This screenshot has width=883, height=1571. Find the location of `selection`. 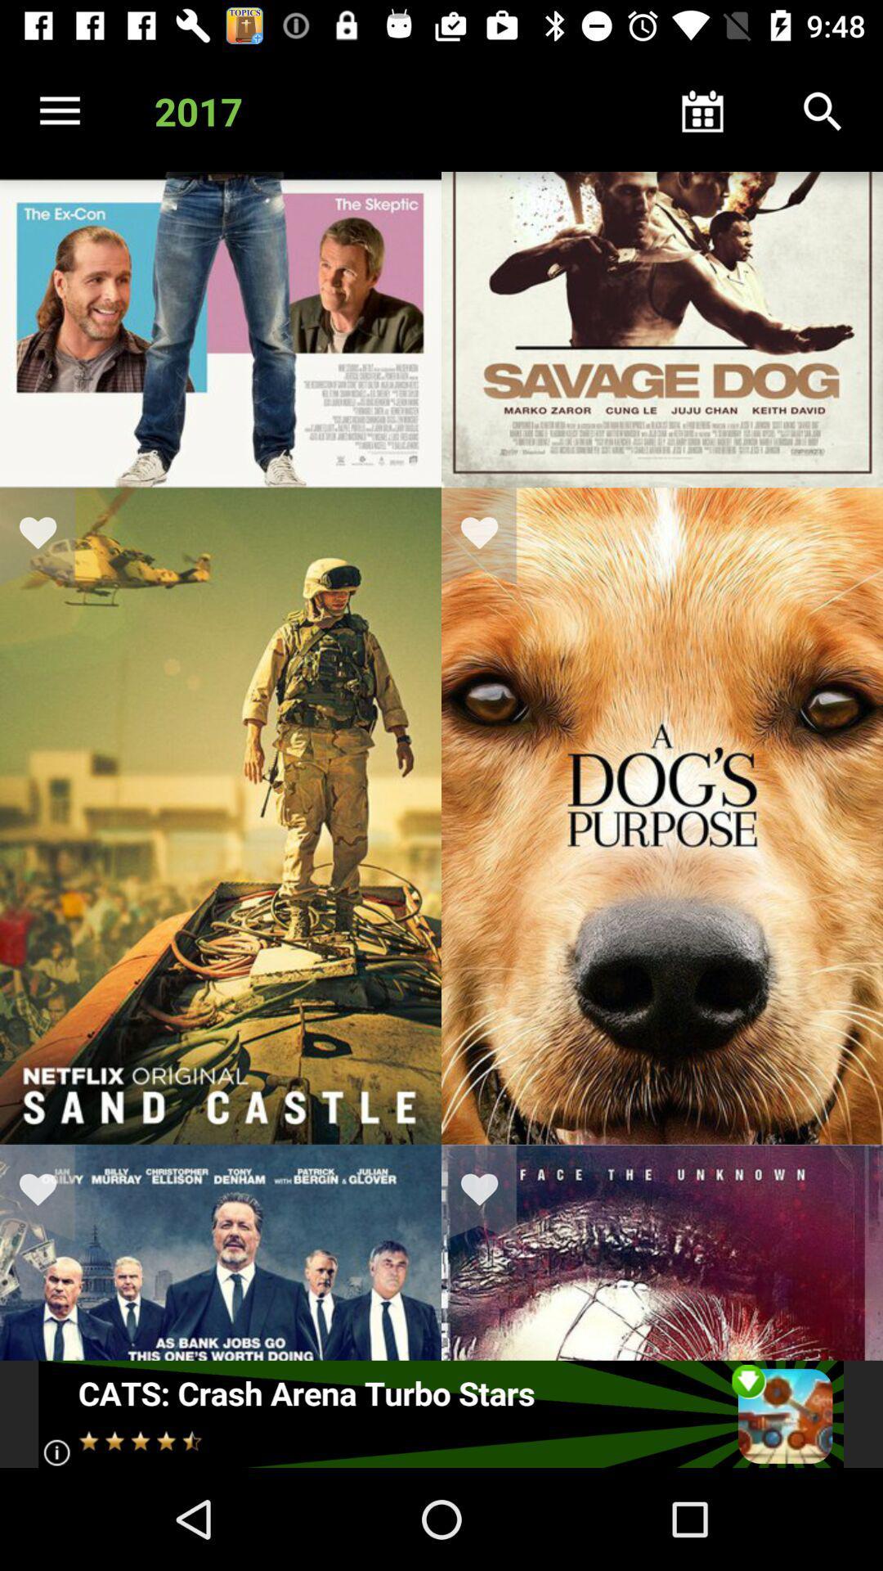

selection is located at coordinates (489, 1193).